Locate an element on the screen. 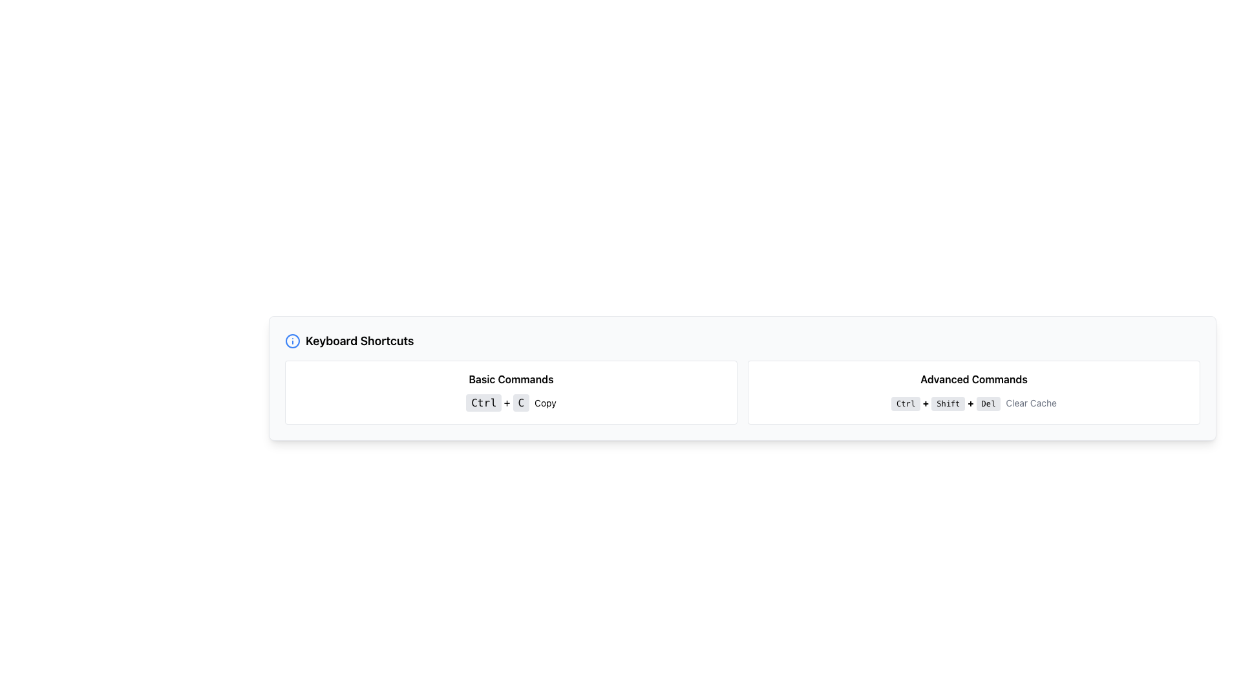  the text label that serves as a heading for the section detailing basic keyboard commands, located at the top center of the left panel above the list of keyboard shortcuts is located at coordinates (511, 378).